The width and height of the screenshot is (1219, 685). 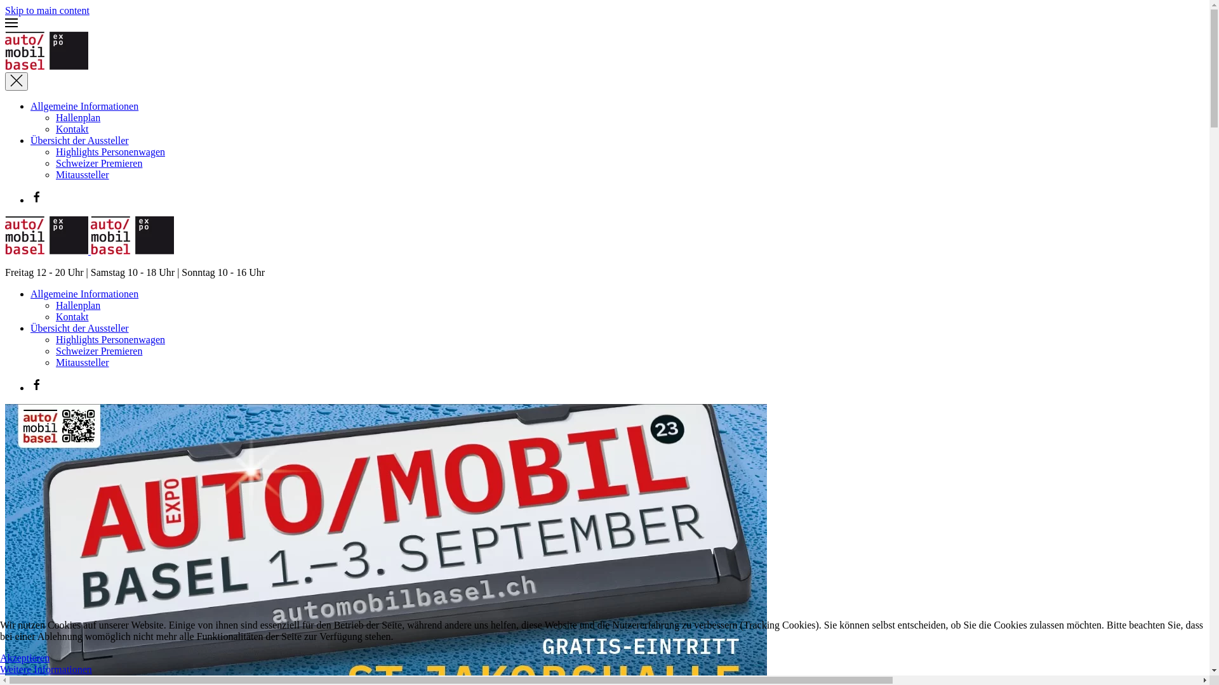 I want to click on 'Highlights Personenwagen', so click(x=110, y=151).